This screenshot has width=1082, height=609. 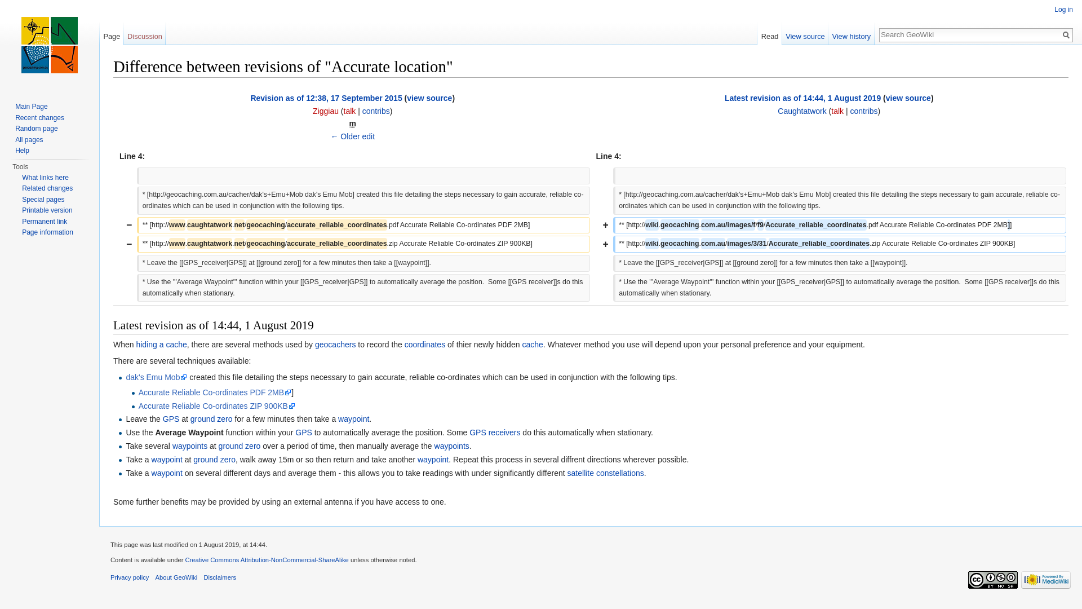 What do you see at coordinates (203, 577) in the screenshot?
I see `'Disclaimers'` at bounding box center [203, 577].